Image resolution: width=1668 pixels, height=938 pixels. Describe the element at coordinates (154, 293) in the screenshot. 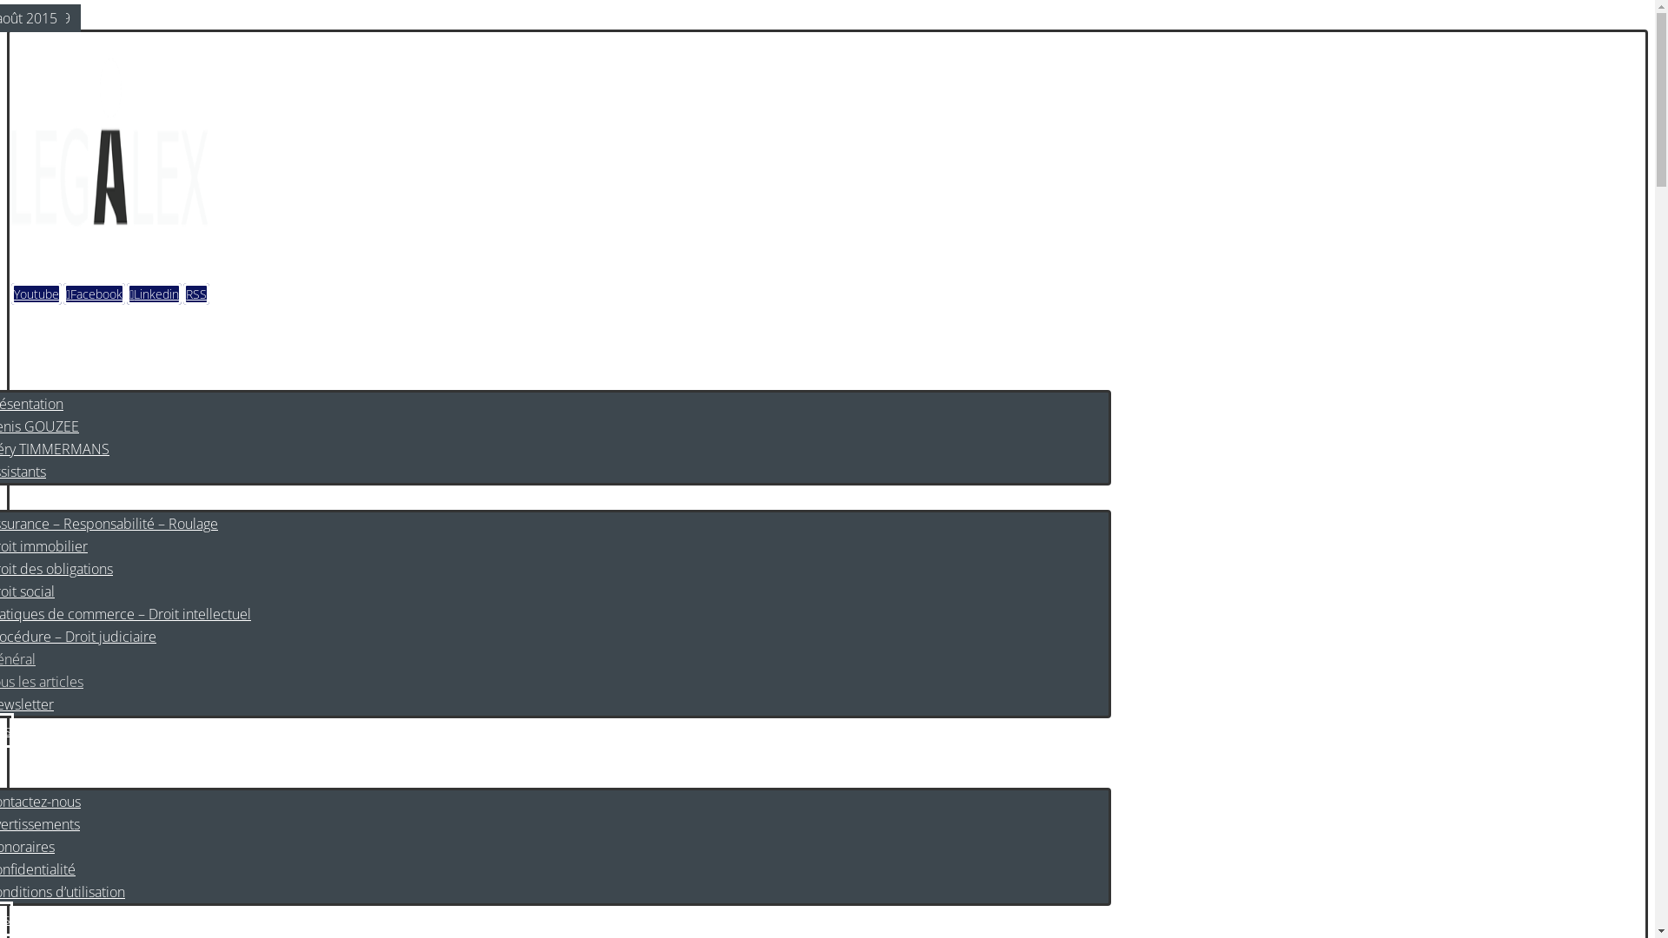

I see `'Linkedin'` at that location.